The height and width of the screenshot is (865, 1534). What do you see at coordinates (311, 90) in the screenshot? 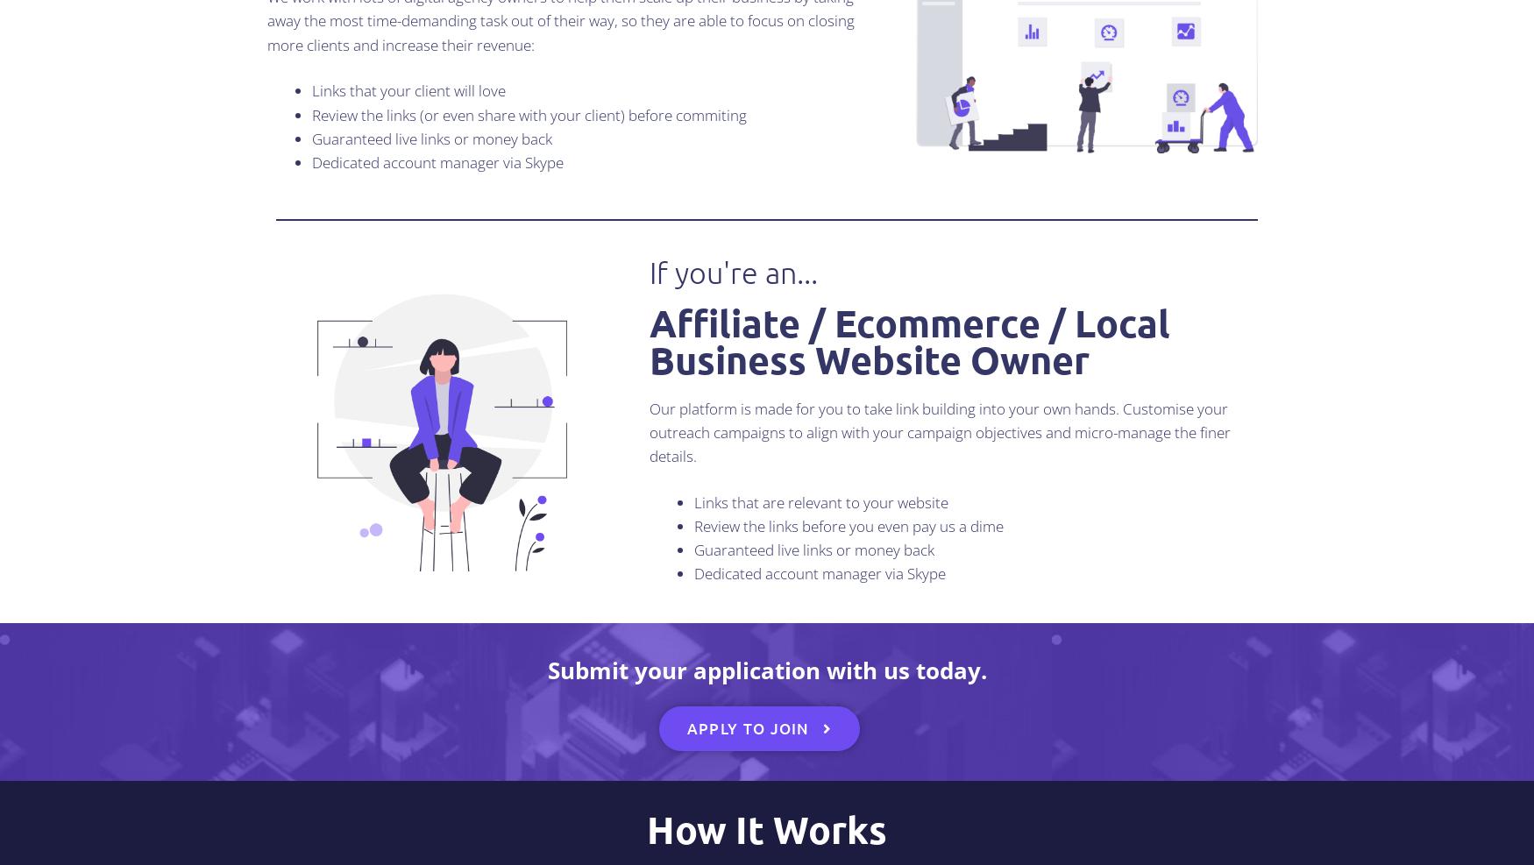
I see `'Links that your client will love'` at bounding box center [311, 90].